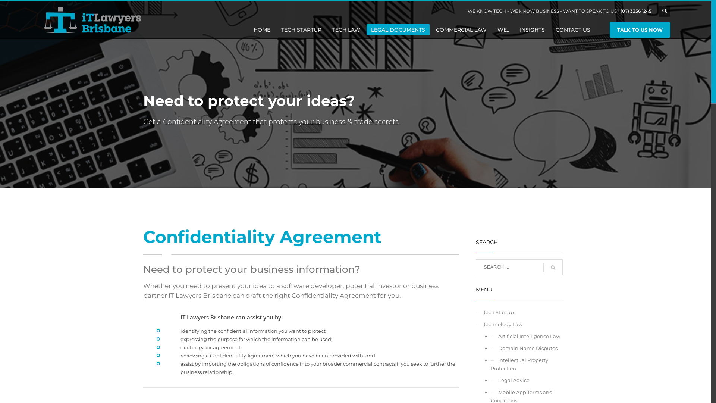 This screenshot has height=403, width=716. Describe the element at coordinates (490, 363) in the screenshot. I see `'Intellectual Property Protection'` at that location.